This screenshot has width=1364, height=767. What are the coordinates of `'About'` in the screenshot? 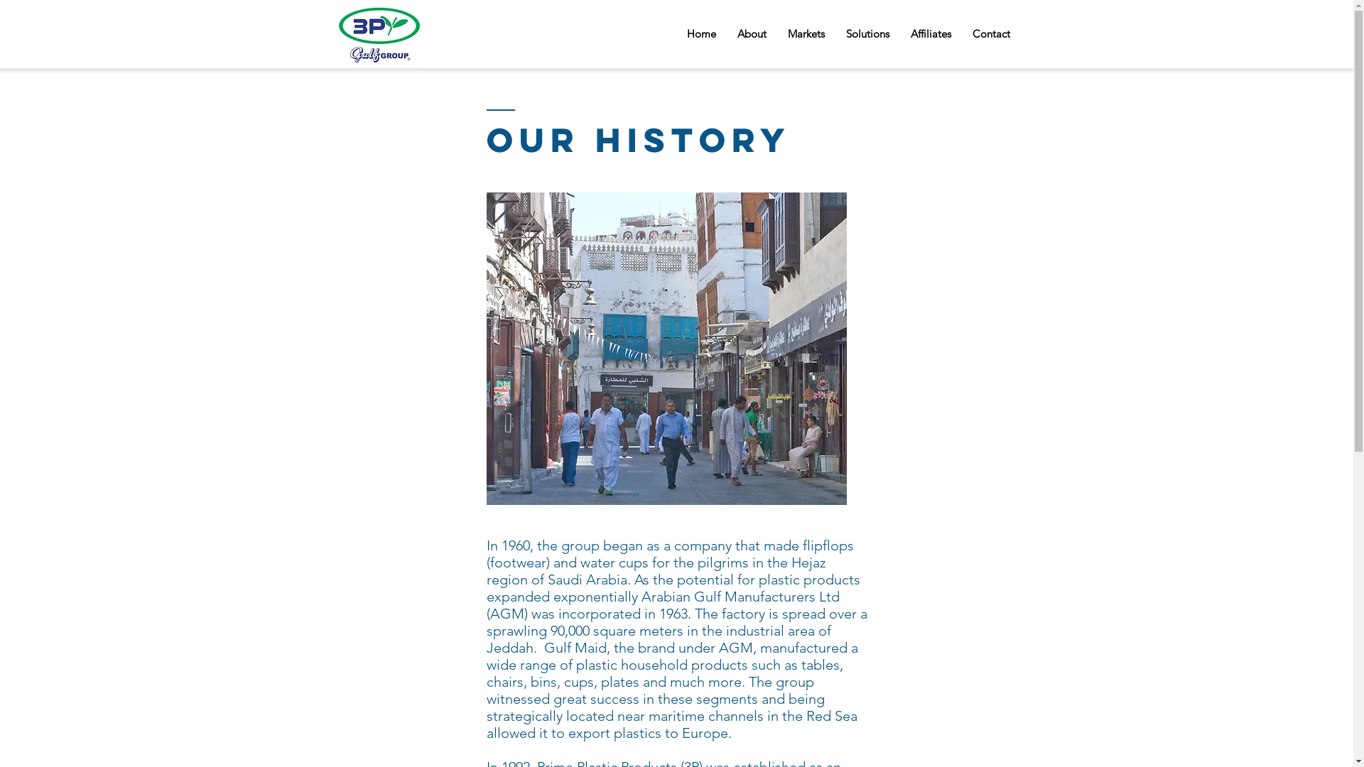 It's located at (750, 33).